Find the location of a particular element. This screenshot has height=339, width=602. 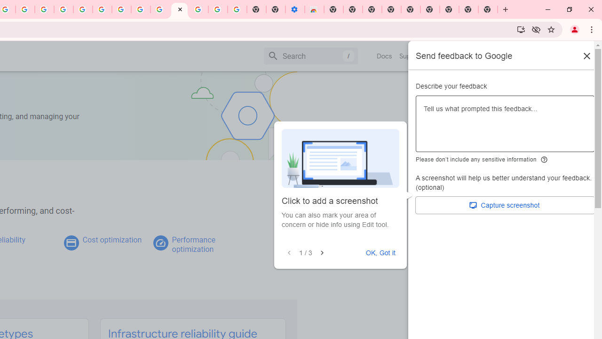

'Support' is located at coordinates (411, 56).